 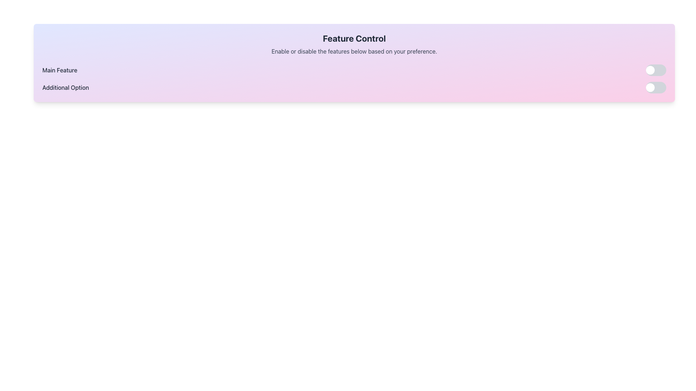 What do you see at coordinates (66, 87) in the screenshot?
I see `the static text label that reads 'Additional Option', which is styled in medium font weight and dark gray color on a light background, positioned below the header 'Feature Control'` at bounding box center [66, 87].